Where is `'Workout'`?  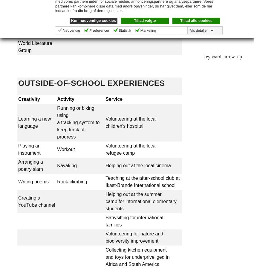
'Workout' is located at coordinates (66, 149).